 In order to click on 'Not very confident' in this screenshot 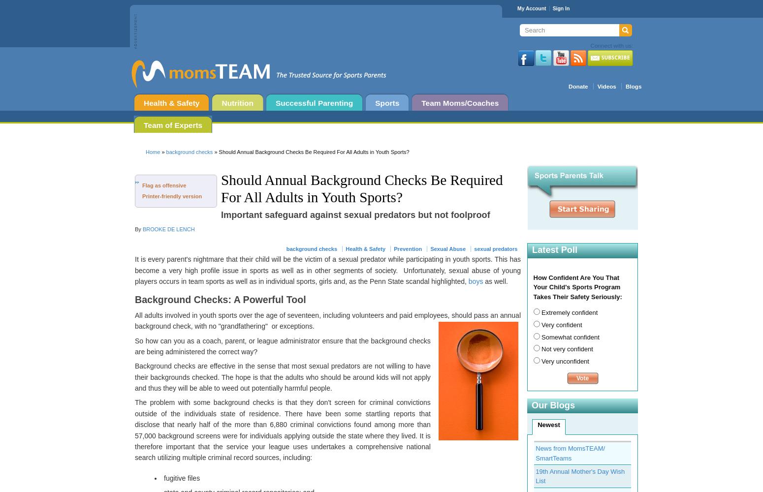, I will do `click(565, 348)`.